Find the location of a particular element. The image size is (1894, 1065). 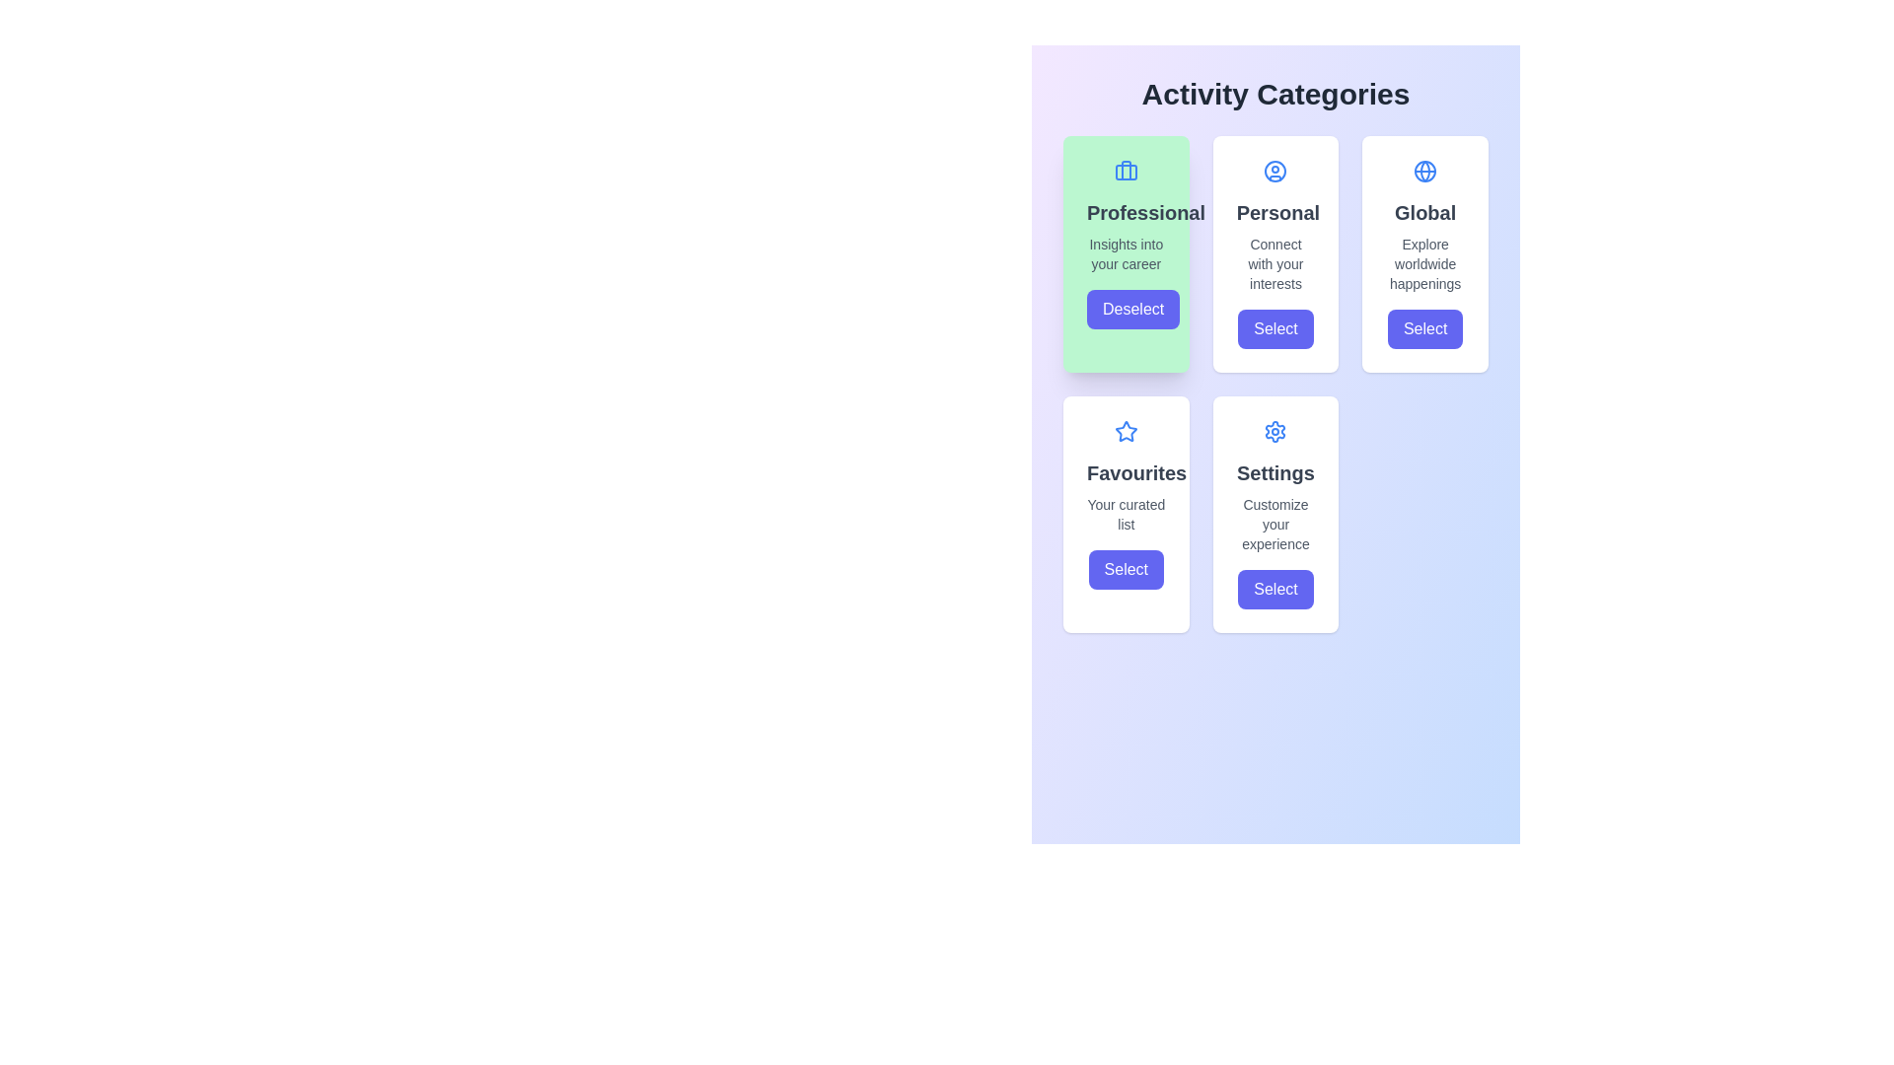

the 'Deselect' button with a deep indigo background located in the 'Professional' card, positioned below 'Insights into your career' in the 'Activity Categories' section is located at coordinates (1133, 309).